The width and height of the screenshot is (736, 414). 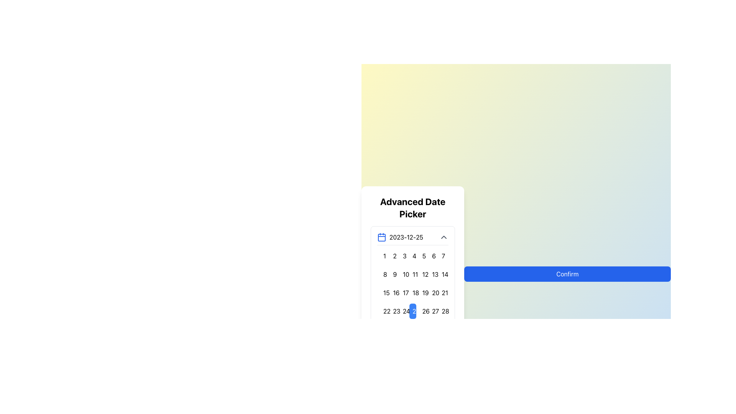 I want to click on on the rounded square tile displaying the number '22' in the first column of the sixth row of the interactive grid, which represents the date '22', so click(x=383, y=311).